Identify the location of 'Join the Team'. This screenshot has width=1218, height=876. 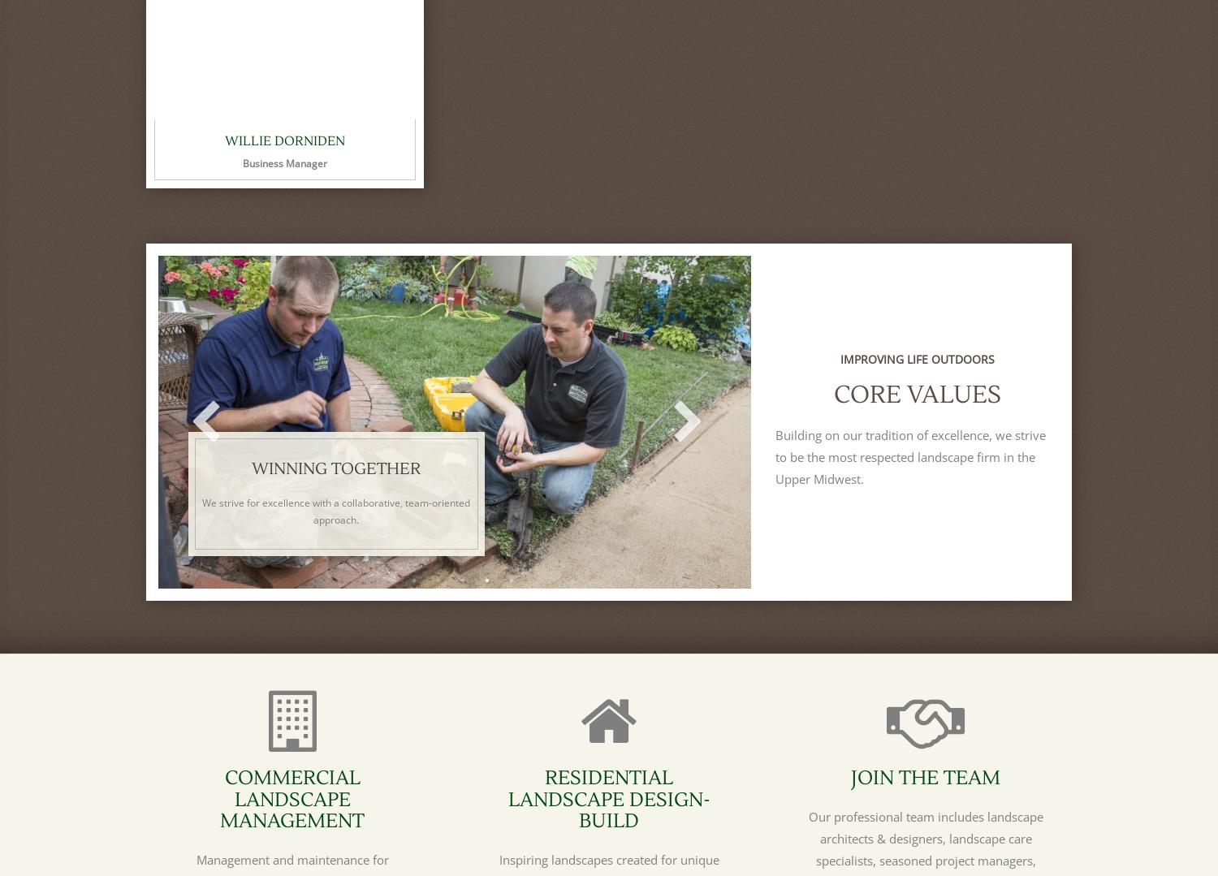
(926, 777).